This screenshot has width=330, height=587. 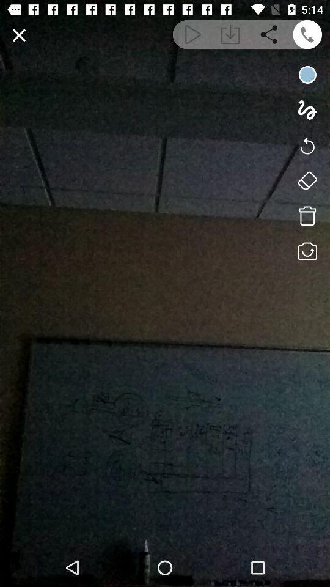 I want to click on download, so click(x=230, y=34).